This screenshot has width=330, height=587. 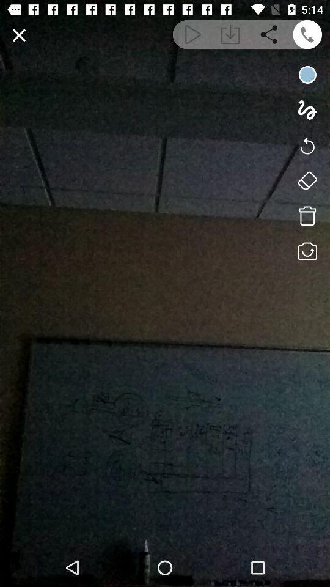 I want to click on download, so click(x=230, y=34).